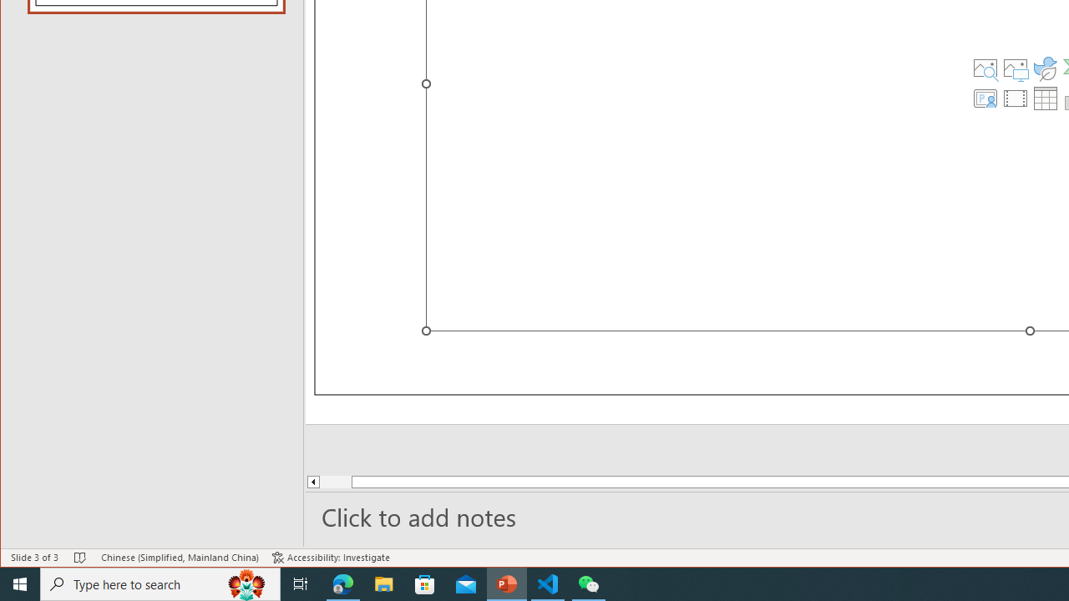 The width and height of the screenshot is (1069, 601). I want to click on 'Insert Video', so click(1015, 98).